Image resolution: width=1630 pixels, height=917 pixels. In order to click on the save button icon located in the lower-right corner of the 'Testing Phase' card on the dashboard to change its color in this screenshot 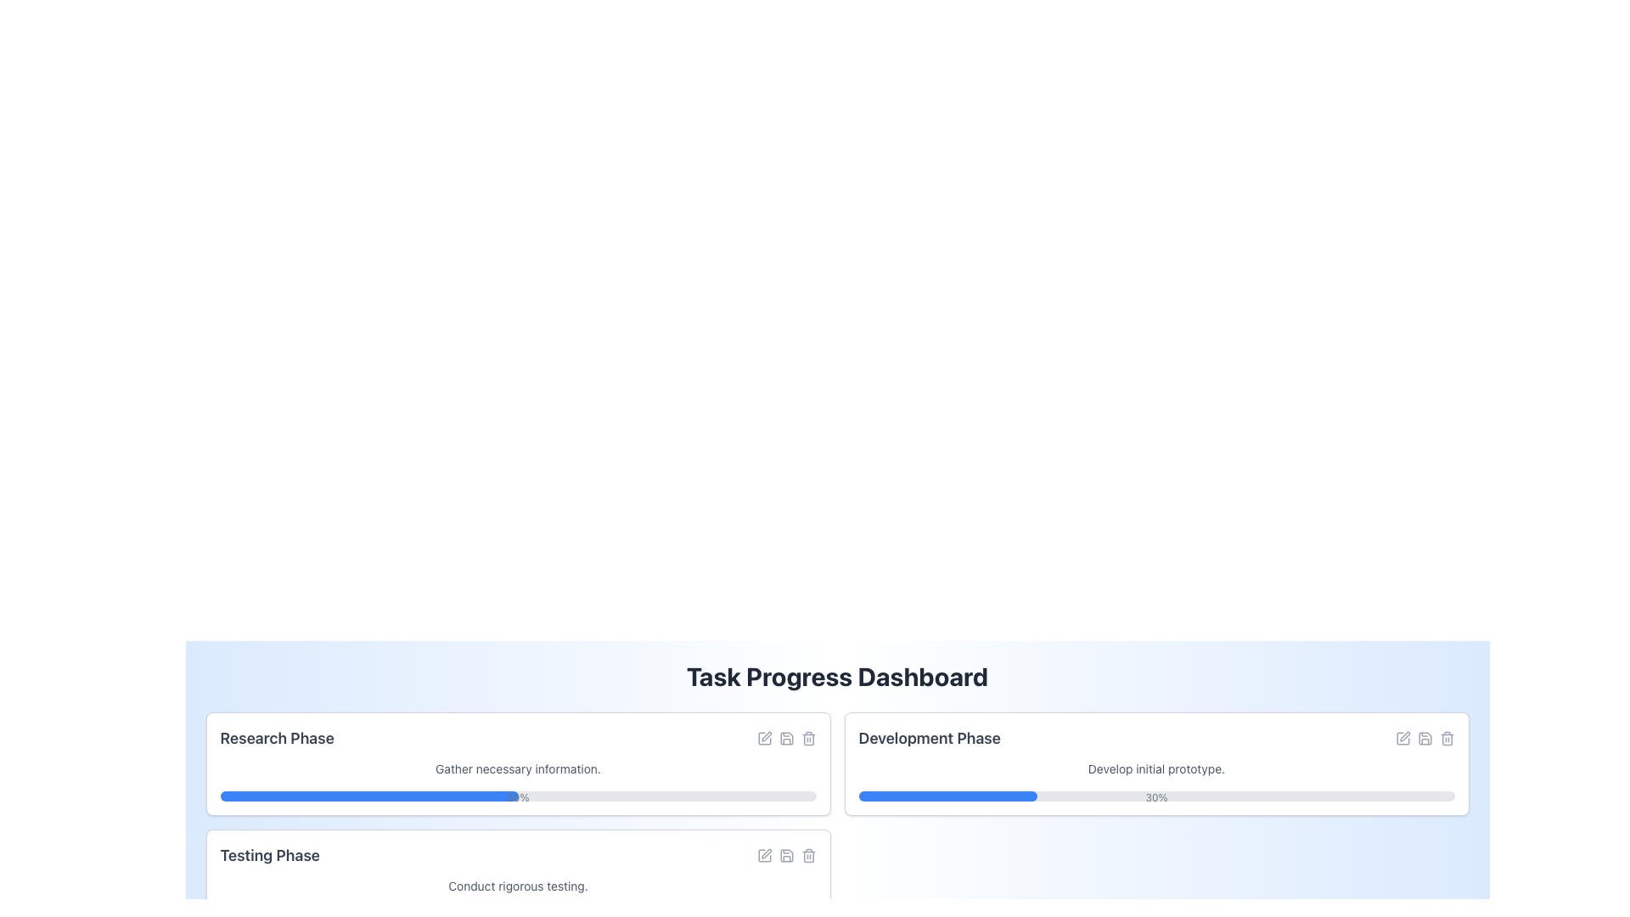, I will do `click(785, 855)`.